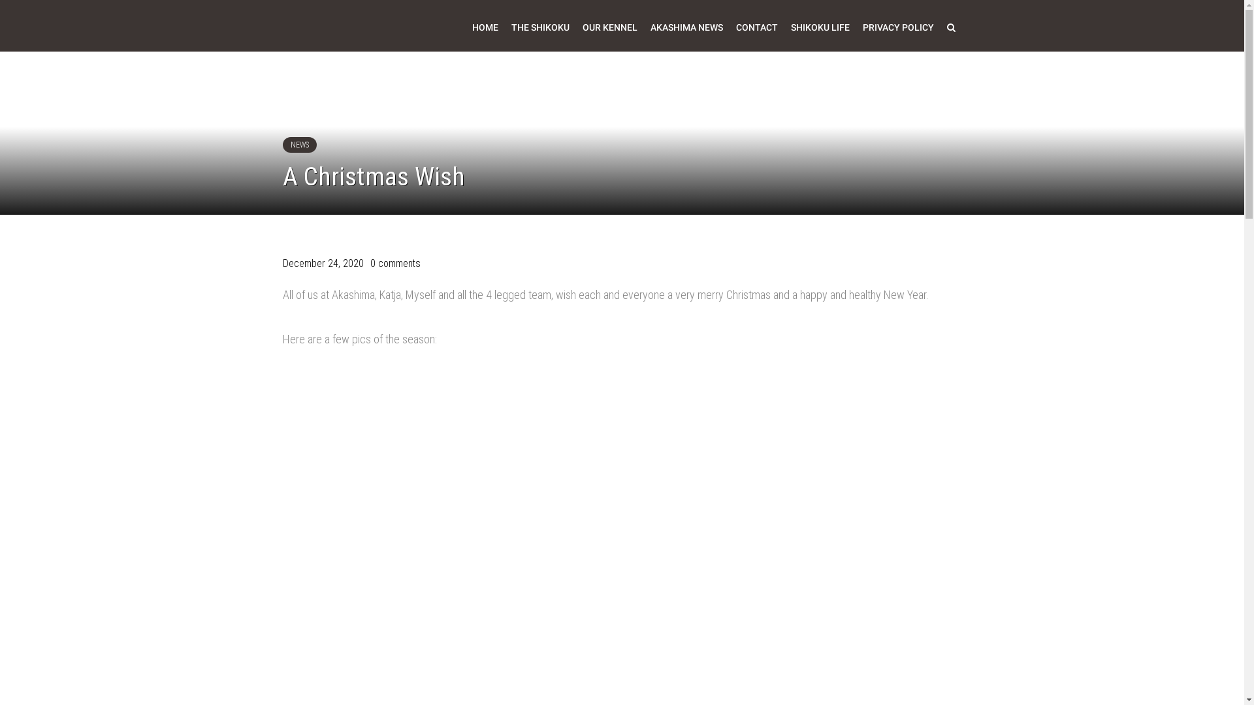  What do you see at coordinates (897, 27) in the screenshot?
I see `'PRIVACY POLICY'` at bounding box center [897, 27].